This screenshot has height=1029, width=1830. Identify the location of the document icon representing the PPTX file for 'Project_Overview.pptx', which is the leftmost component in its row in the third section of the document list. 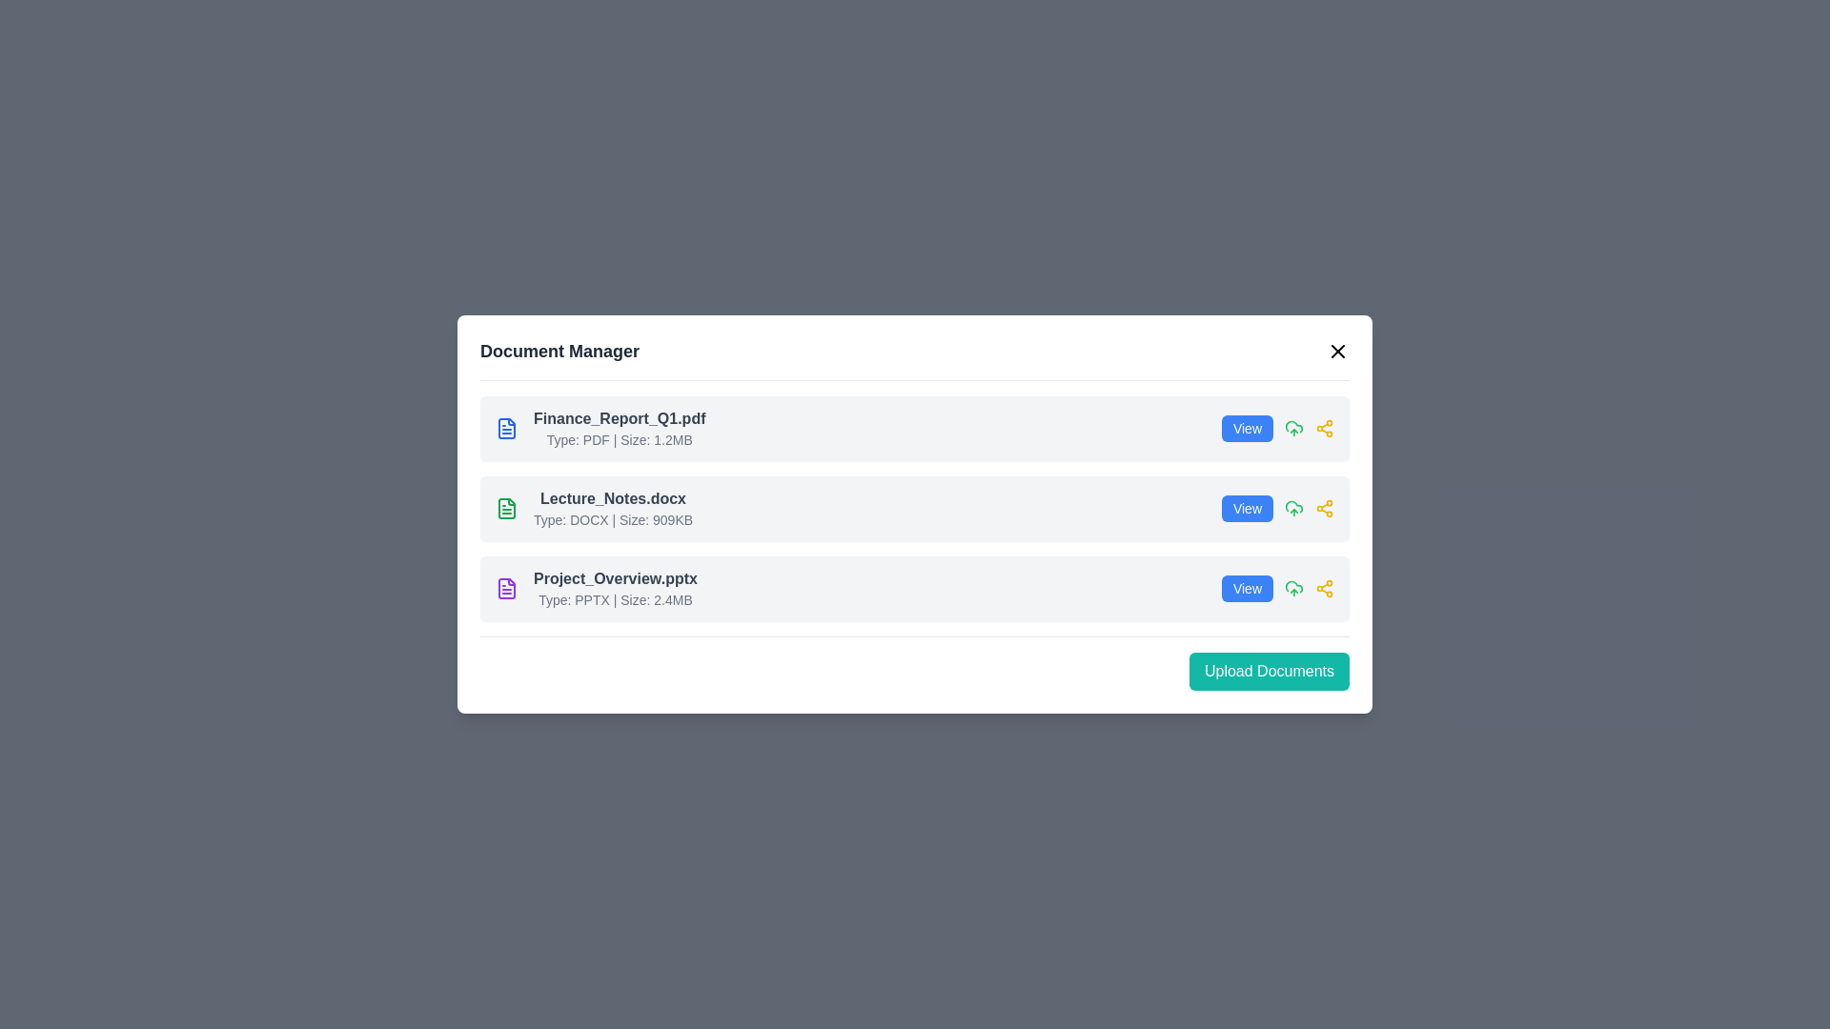
(507, 587).